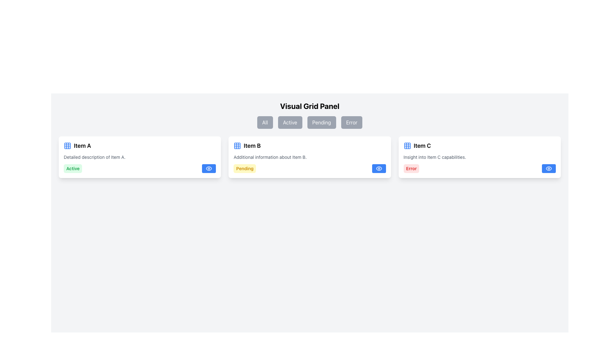 The height and width of the screenshot is (341, 606). What do you see at coordinates (244, 168) in the screenshot?
I see `the 'Pending' status badge located at the bottom-left corner of the second card labeled 'Item B'` at bounding box center [244, 168].